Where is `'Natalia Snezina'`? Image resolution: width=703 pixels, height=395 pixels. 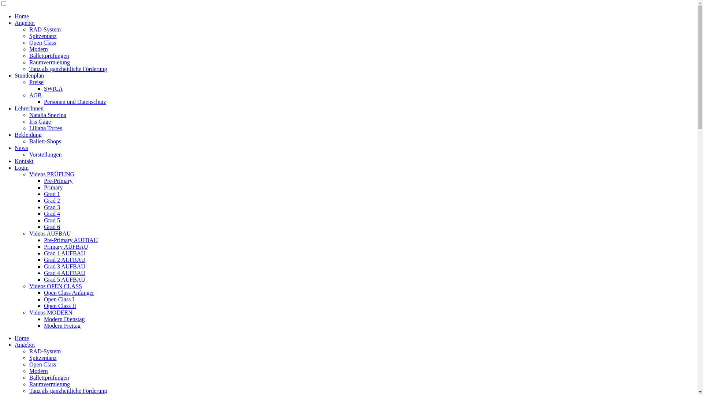
'Natalia Snezina' is located at coordinates (47, 115).